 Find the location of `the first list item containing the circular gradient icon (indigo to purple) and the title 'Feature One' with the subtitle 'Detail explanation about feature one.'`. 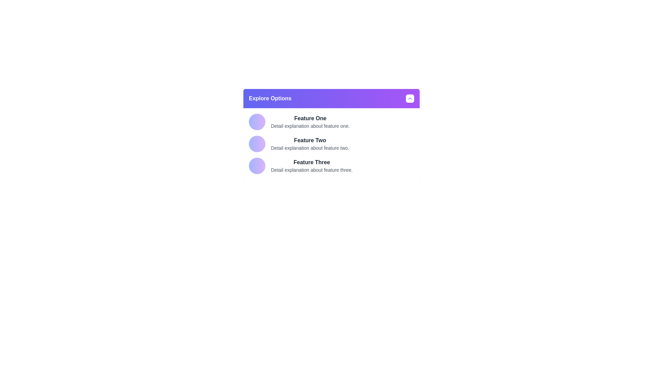

the first list item containing the circular gradient icon (indigo to purple) and the title 'Feature One' with the subtitle 'Detail explanation about feature one.' is located at coordinates (332, 121).